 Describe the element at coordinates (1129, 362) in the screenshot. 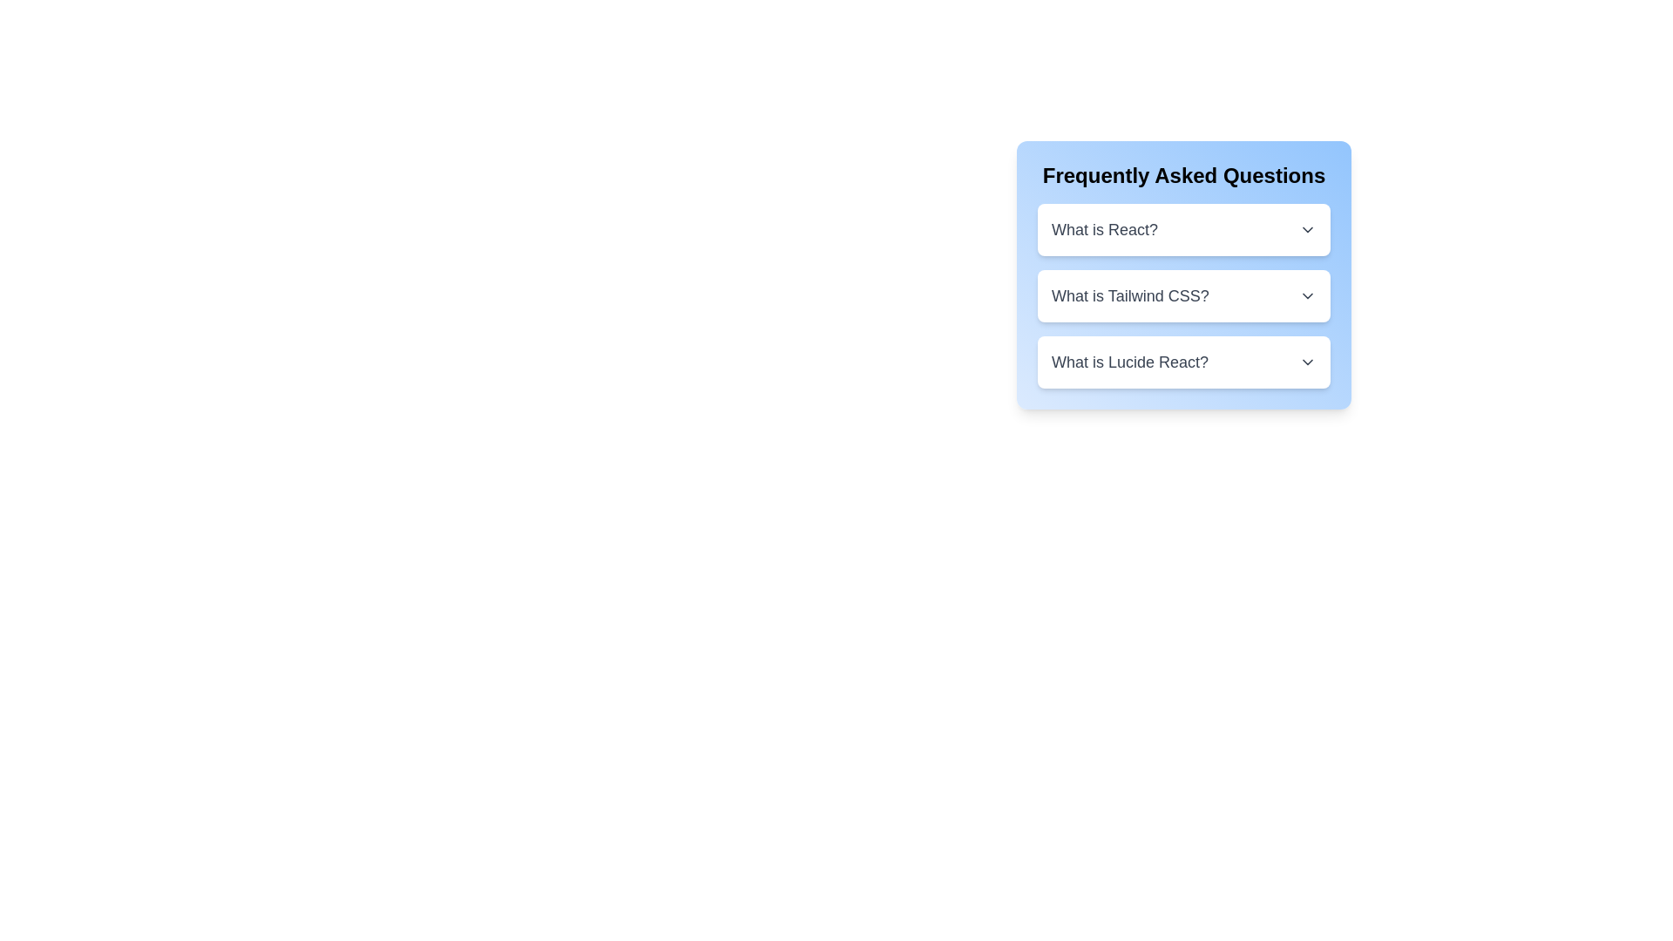

I see `text label within the third item of the FAQ section, which is located under 'What is Tailwind CSS?' and next to a chevron icon` at that location.